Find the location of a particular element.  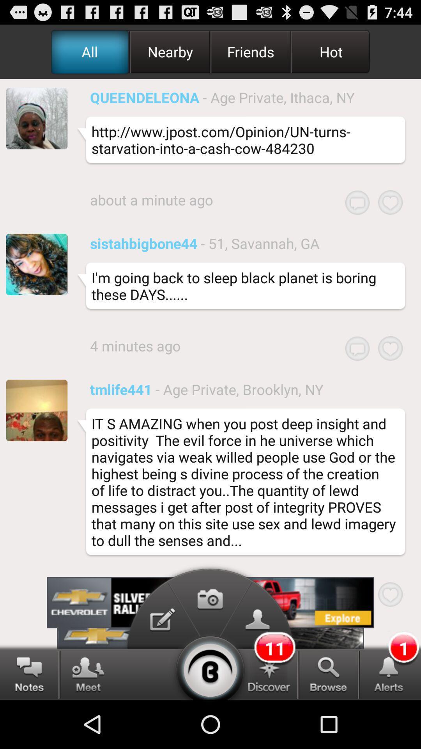

the photo icon is located at coordinates (210, 636).